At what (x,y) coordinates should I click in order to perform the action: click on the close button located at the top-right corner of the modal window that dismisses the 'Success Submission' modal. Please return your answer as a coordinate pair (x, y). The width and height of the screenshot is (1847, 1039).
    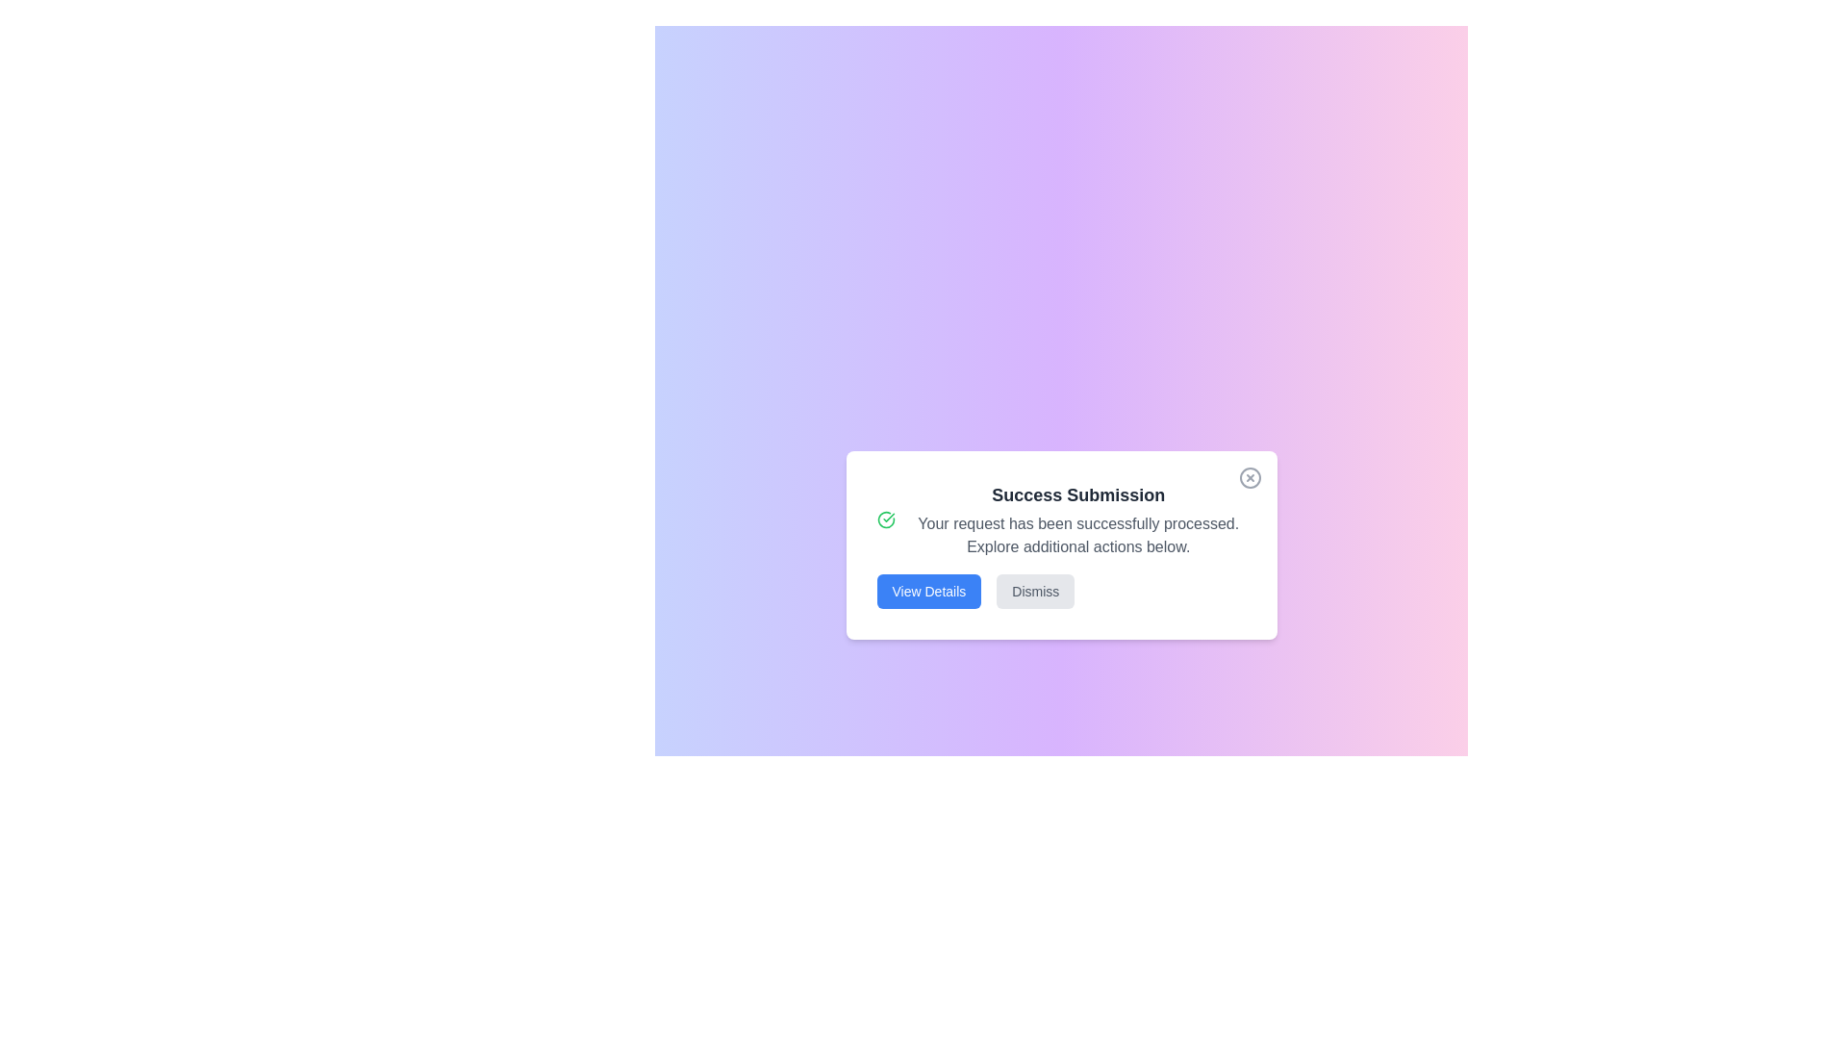
    Looking at the image, I should click on (1250, 477).